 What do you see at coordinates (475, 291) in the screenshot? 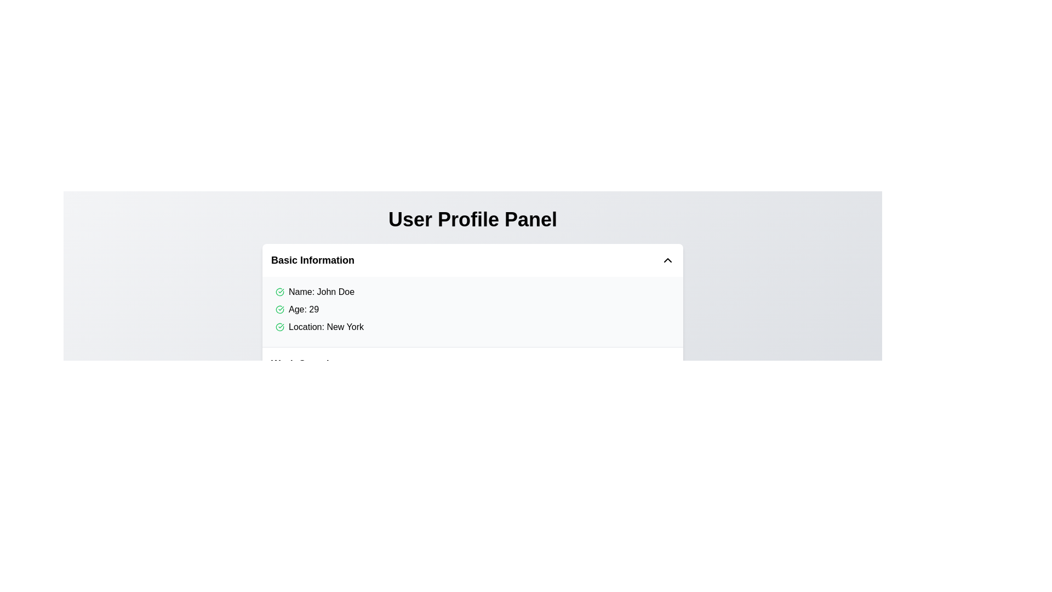
I see `the informational display showing the user's name 'John Doe' in the 'Basic Information' section of the 'User Profile Panel'` at bounding box center [475, 291].